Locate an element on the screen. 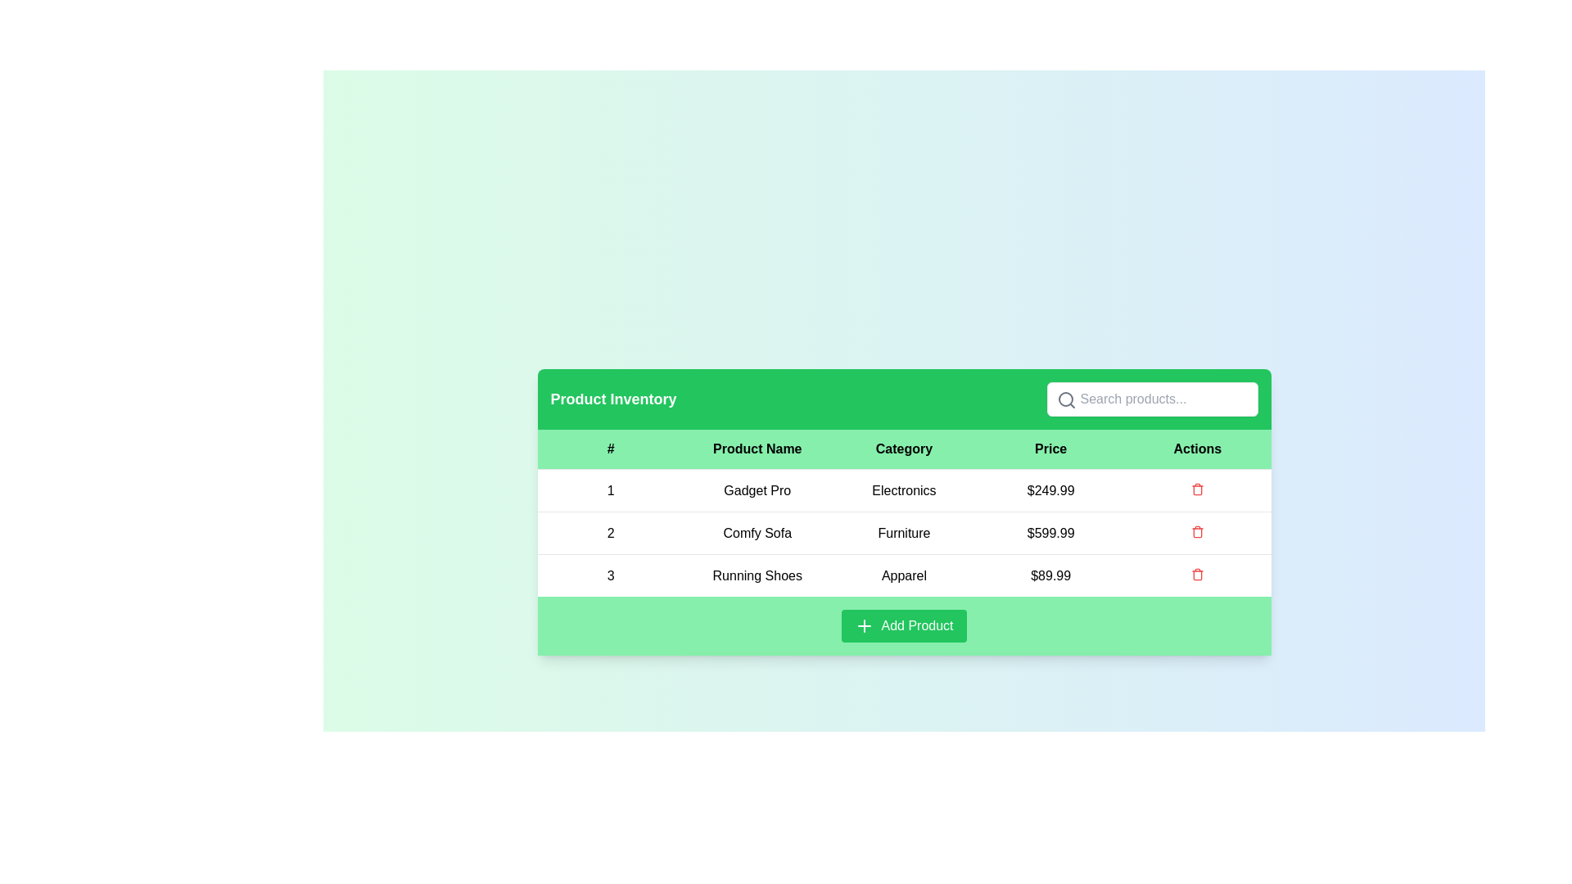 This screenshot has width=1572, height=884. the first row in the product table that displays 'Gadget Pro', 'Electronics', and '$249.99' is located at coordinates (903, 489).